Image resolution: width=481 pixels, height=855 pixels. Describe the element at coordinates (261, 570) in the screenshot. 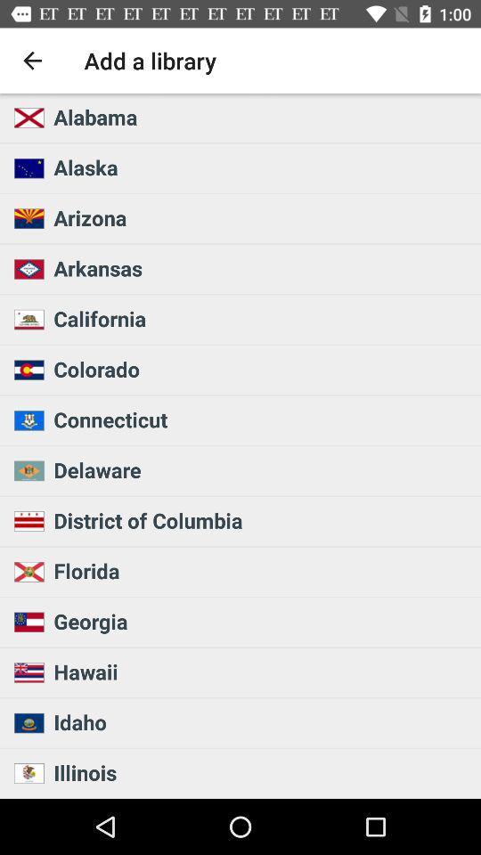

I see `the icon below the district of columbia` at that location.